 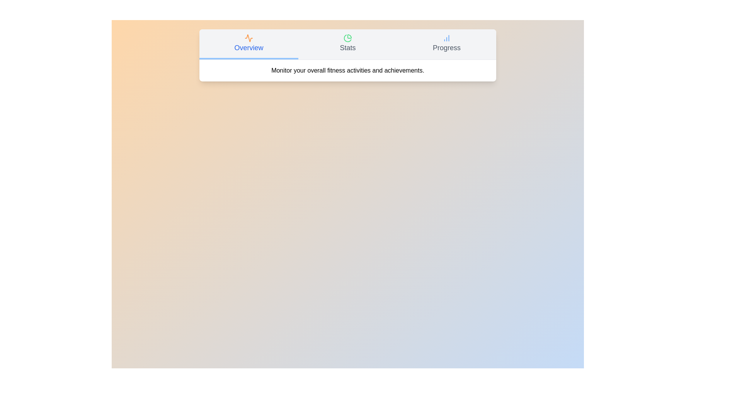 What do you see at coordinates (347, 44) in the screenshot?
I see `the tab labeled Stats to preview its hover style` at bounding box center [347, 44].